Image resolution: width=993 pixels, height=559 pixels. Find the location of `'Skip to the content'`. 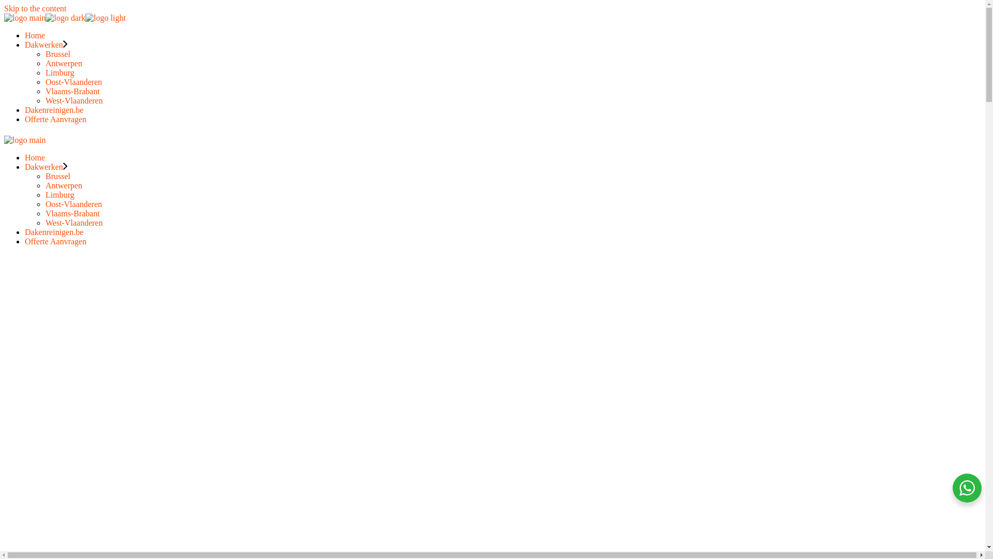

'Skip to the content' is located at coordinates (35, 8).